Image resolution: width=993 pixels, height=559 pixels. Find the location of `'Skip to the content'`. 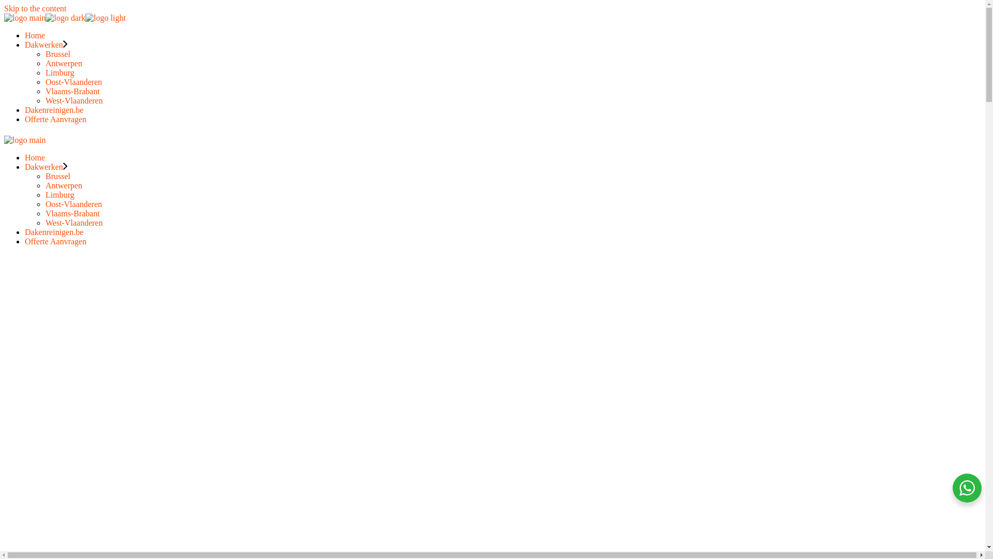

'Skip to the content' is located at coordinates (35, 8).